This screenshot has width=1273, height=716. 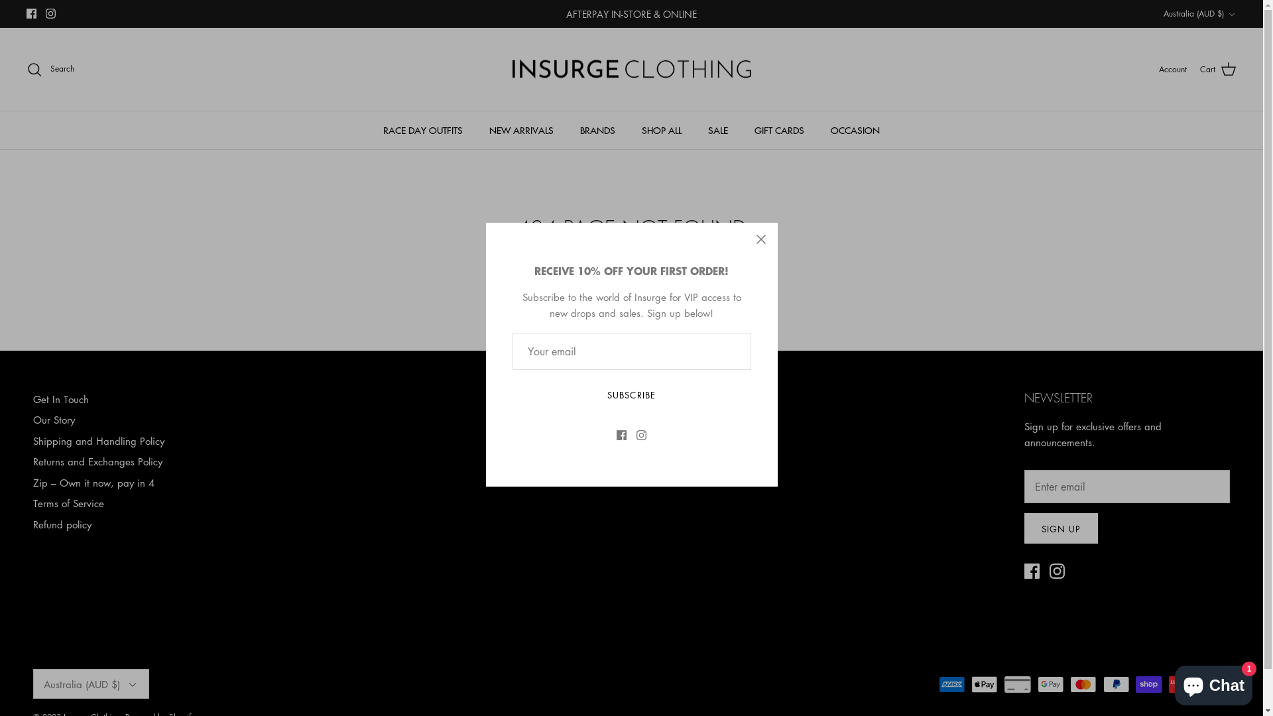 I want to click on 'OCCASION', so click(x=855, y=130).